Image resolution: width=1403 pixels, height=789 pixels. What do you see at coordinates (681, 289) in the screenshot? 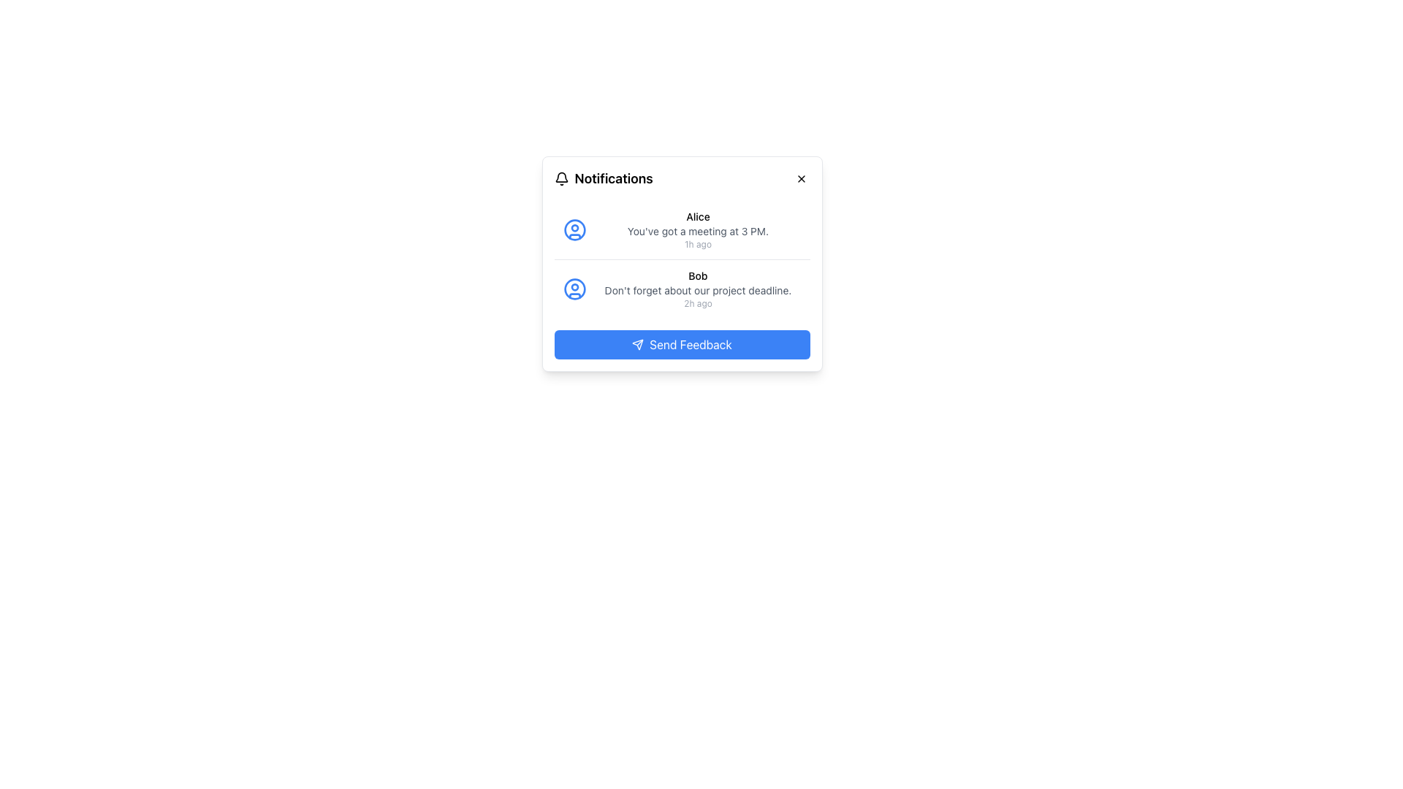
I see `the notification item from 'Bob' regarding a project deadline` at bounding box center [681, 289].